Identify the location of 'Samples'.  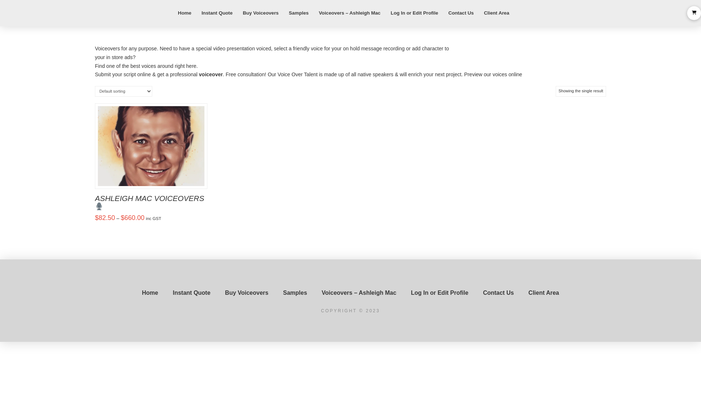
(275, 292).